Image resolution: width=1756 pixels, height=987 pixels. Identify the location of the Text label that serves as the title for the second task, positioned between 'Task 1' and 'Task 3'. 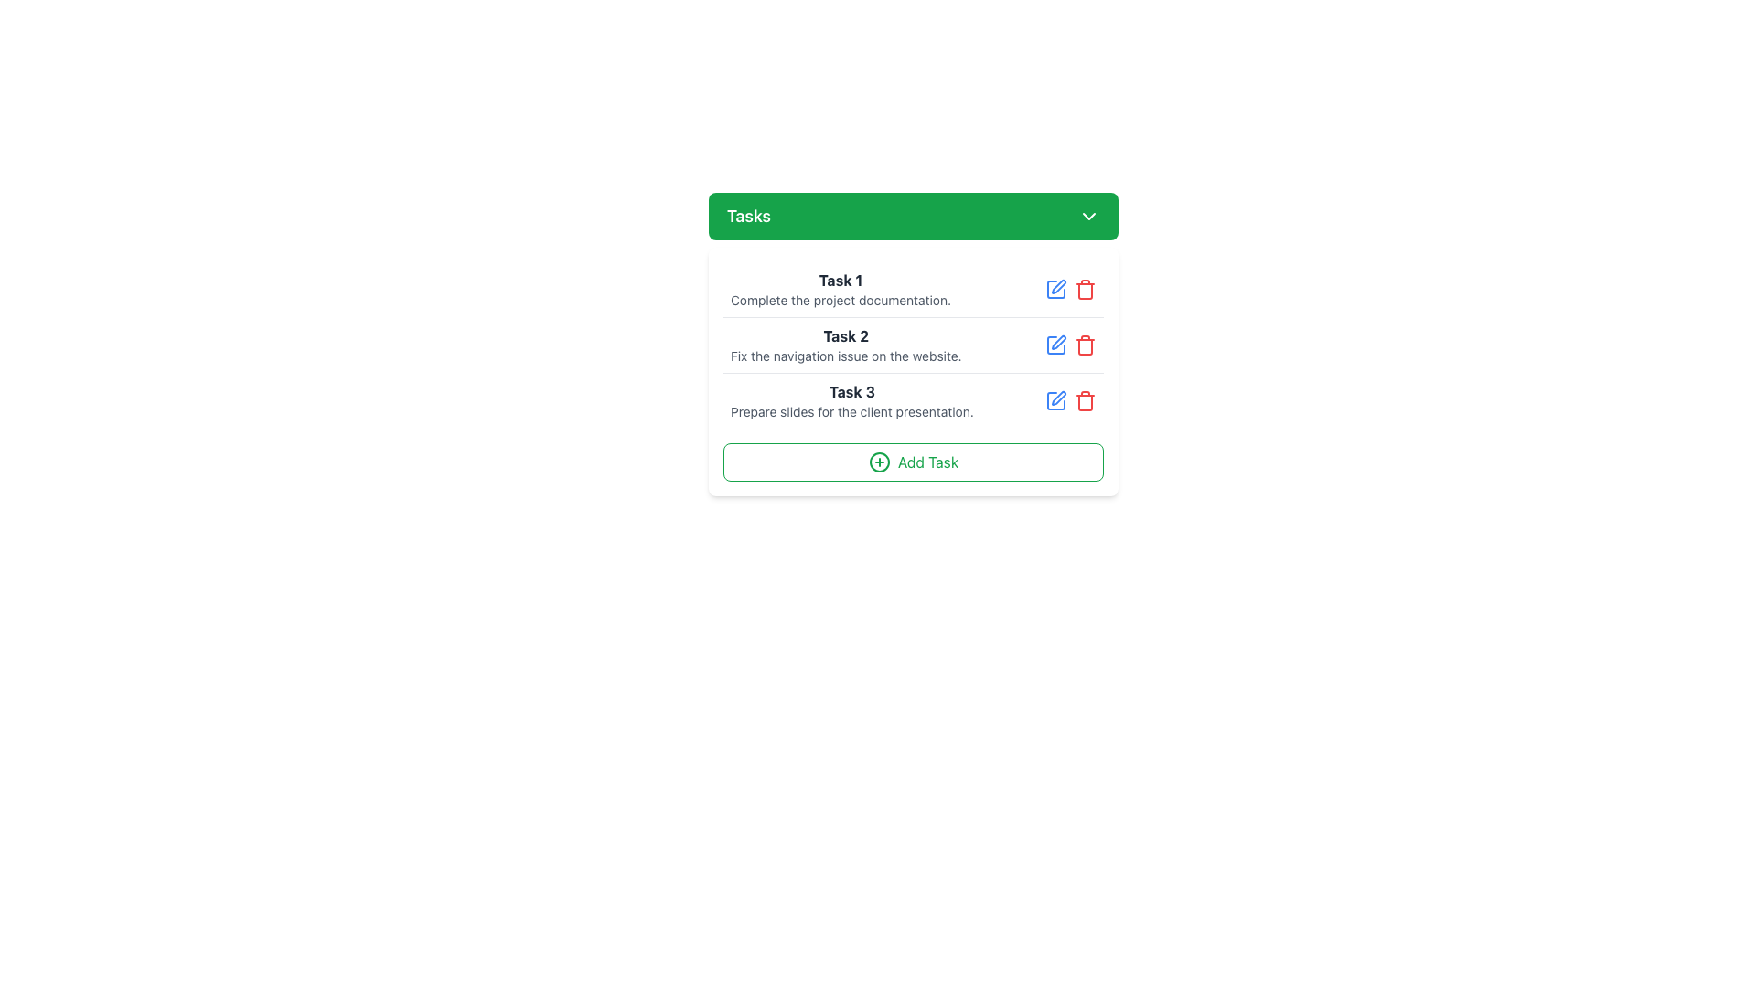
(845, 335).